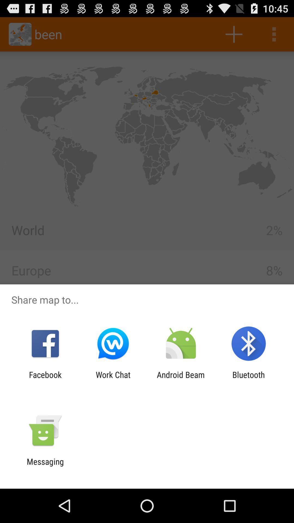 Image resolution: width=294 pixels, height=523 pixels. What do you see at coordinates (181, 379) in the screenshot?
I see `the app to the left of bluetooth app` at bounding box center [181, 379].